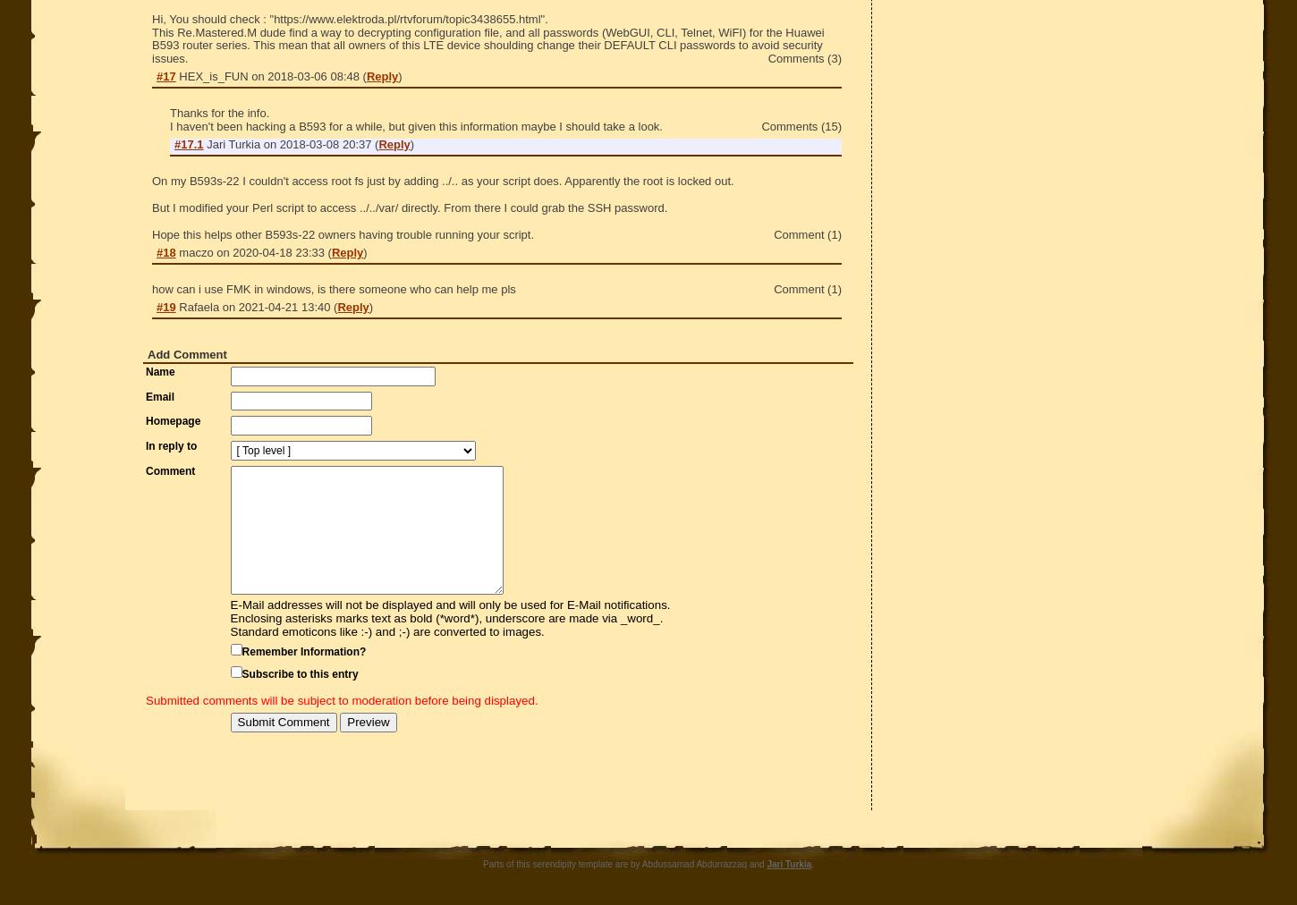  I want to click on '.', so click(811, 863).